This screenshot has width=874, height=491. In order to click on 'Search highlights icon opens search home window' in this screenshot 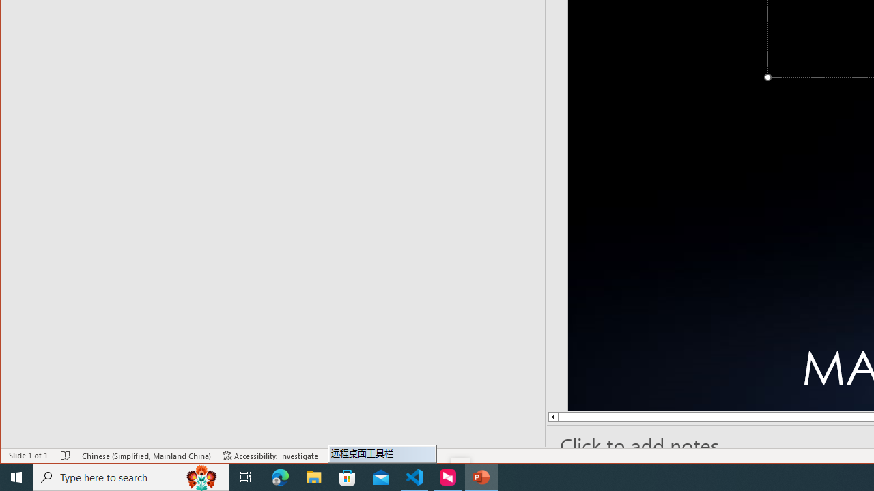, I will do `click(201, 476)`.